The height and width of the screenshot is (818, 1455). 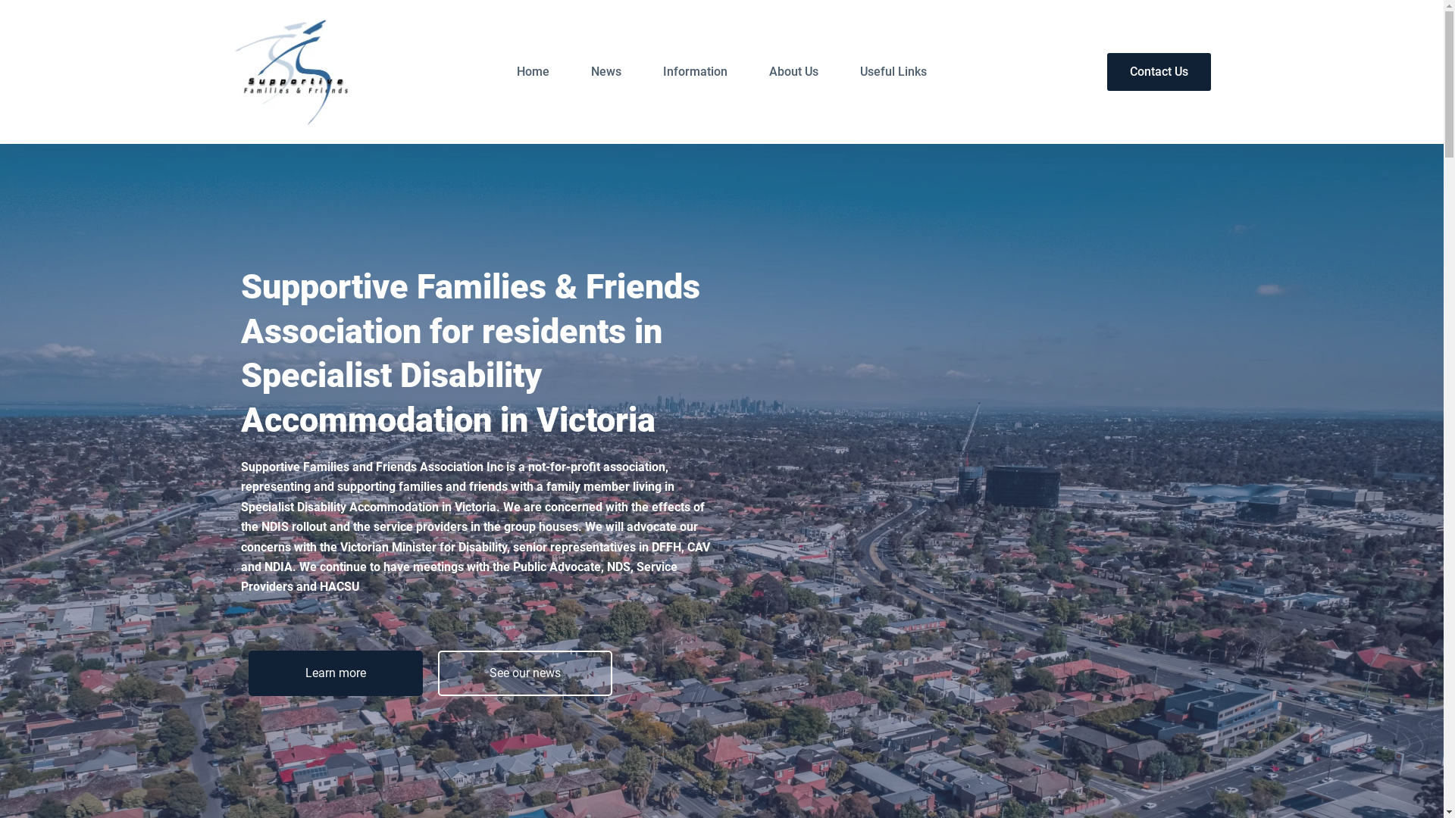 I want to click on 'About Us', so click(x=793, y=72).